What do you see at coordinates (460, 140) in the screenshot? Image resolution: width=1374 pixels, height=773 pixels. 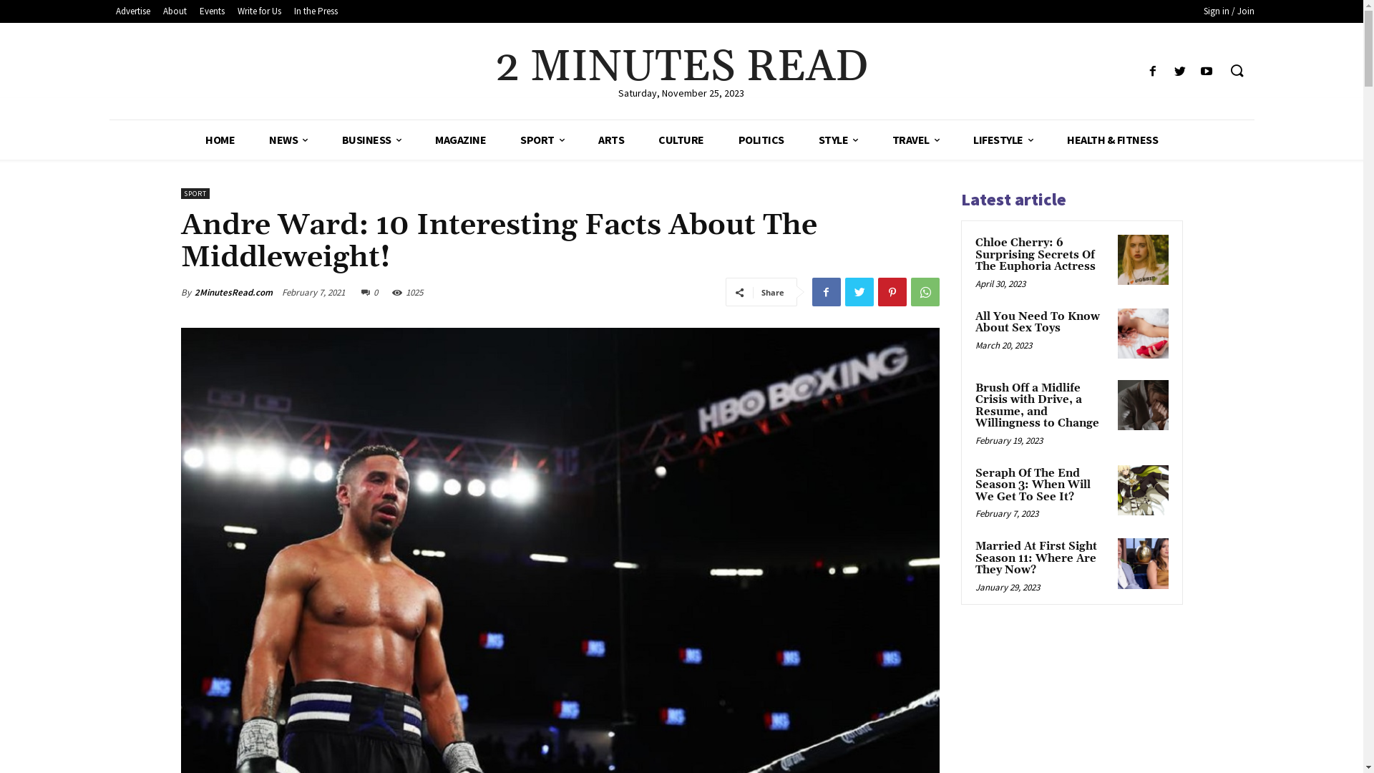 I see `'MAGAZINE'` at bounding box center [460, 140].